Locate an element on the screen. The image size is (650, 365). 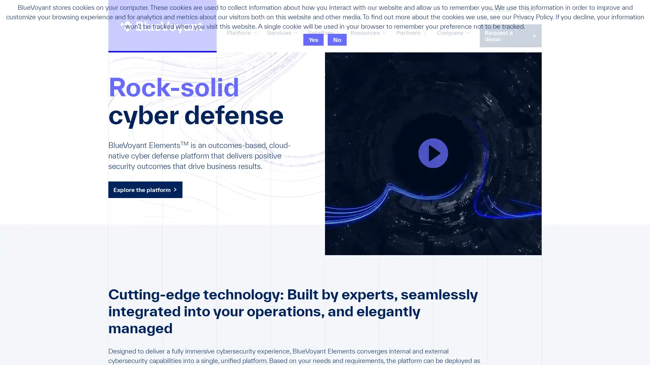
Services Open Services is located at coordinates (282, 32).